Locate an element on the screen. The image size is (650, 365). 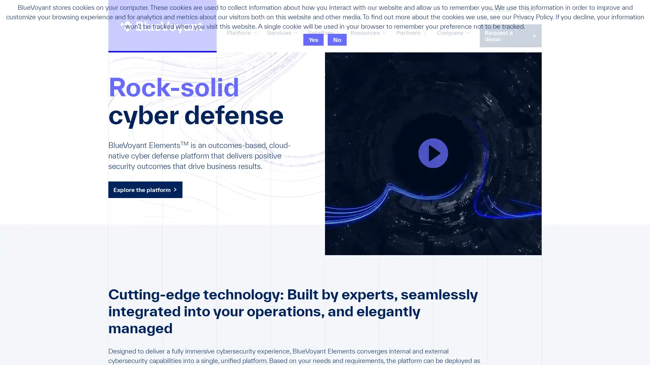
Services Open Services is located at coordinates (282, 32).